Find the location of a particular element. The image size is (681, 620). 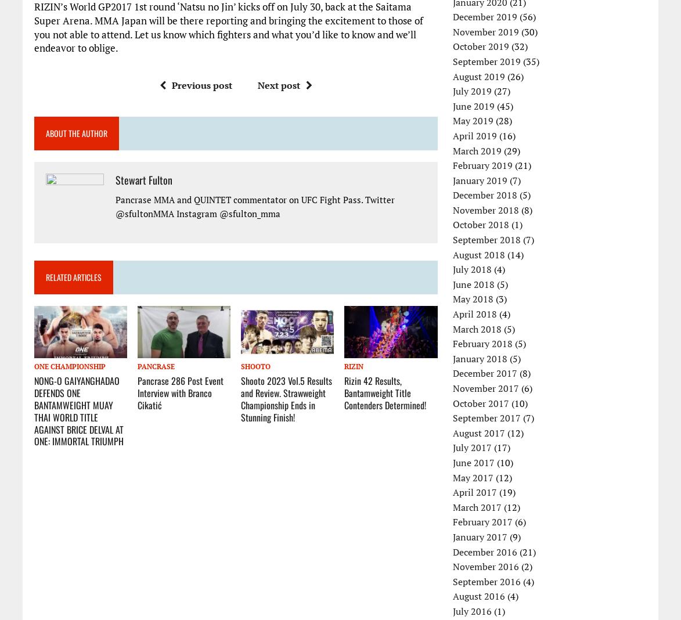

'December 2016' is located at coordinates (485, 551).